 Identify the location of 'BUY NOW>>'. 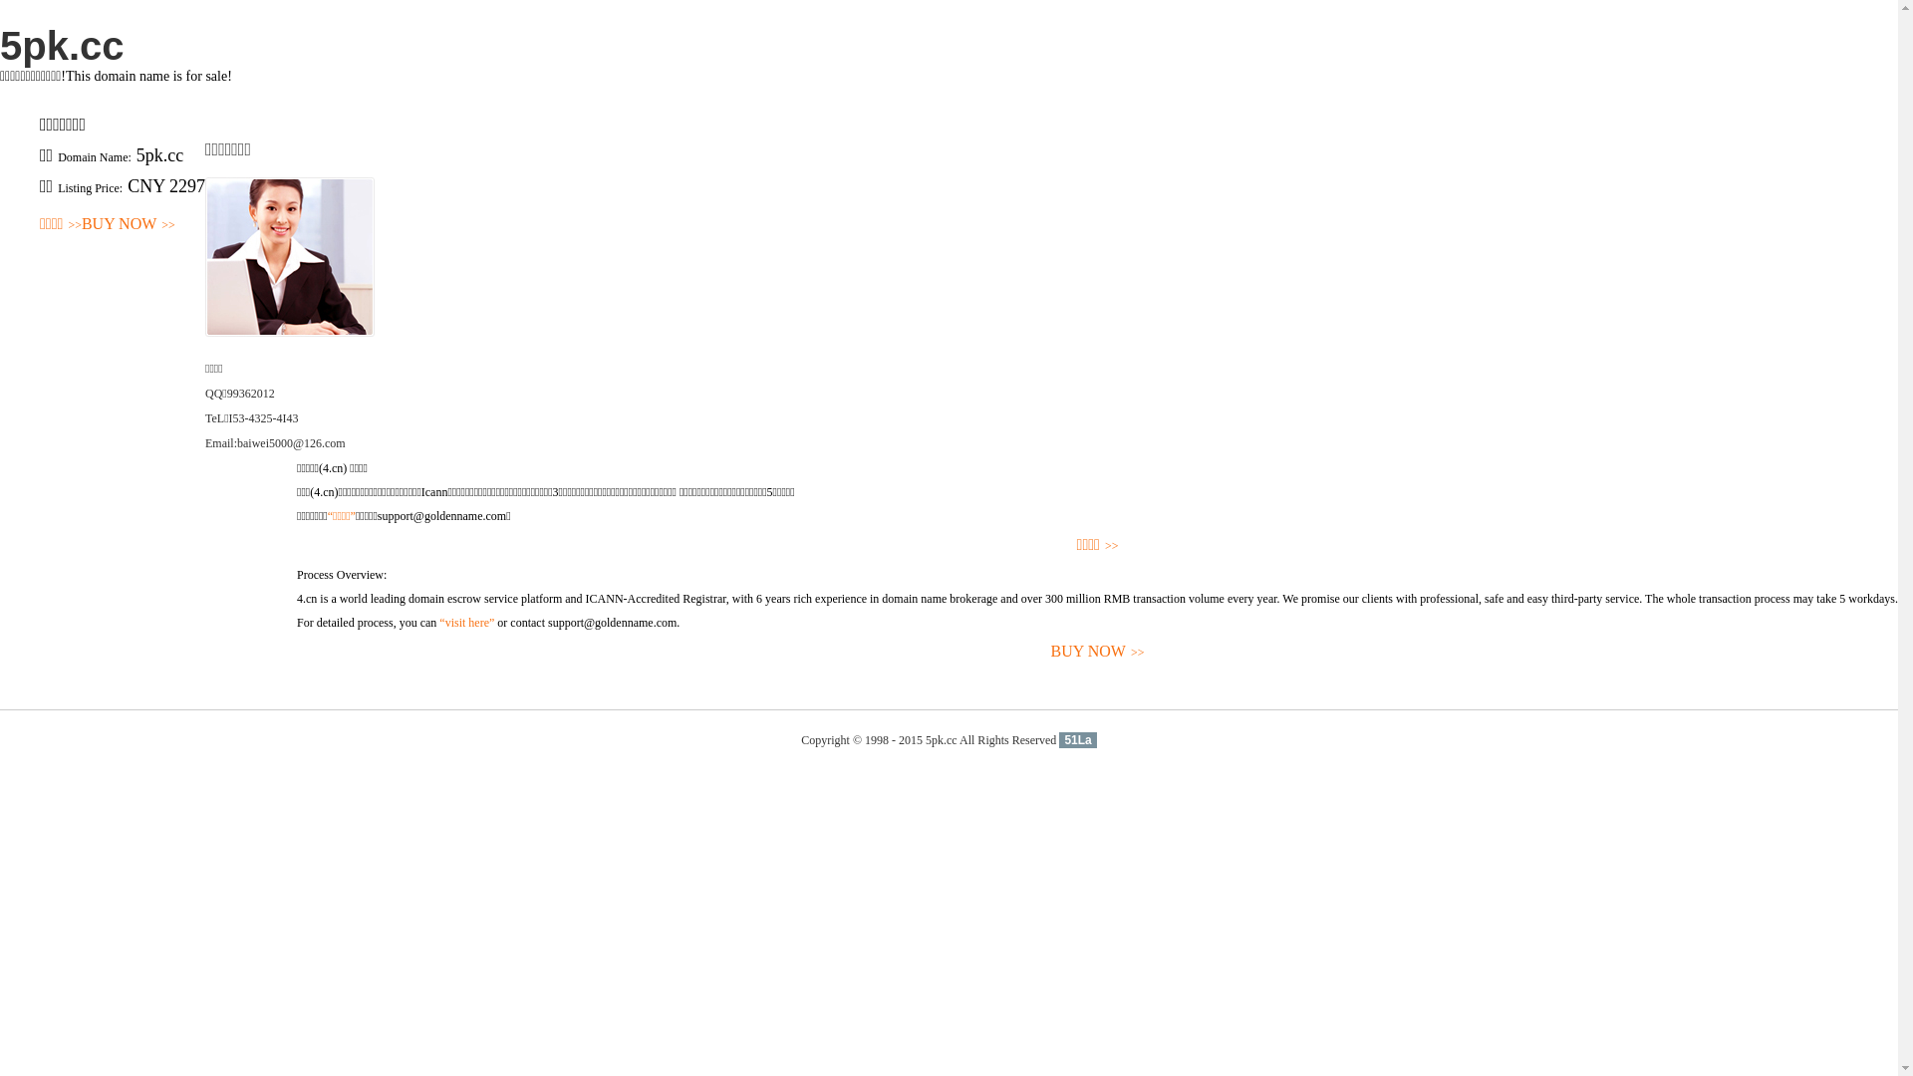
(1096, 652).